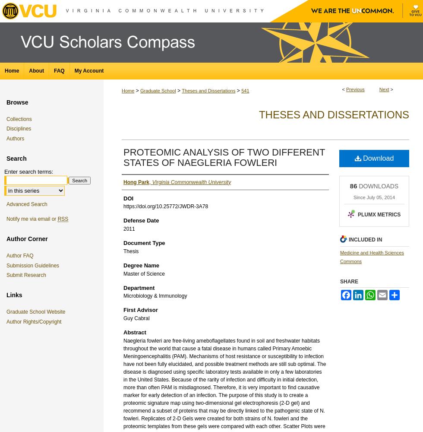  Describe the element at coordinates (372, 256) in the screenshot. I see `'Medicine and Health Sciences Commons'` at that location.